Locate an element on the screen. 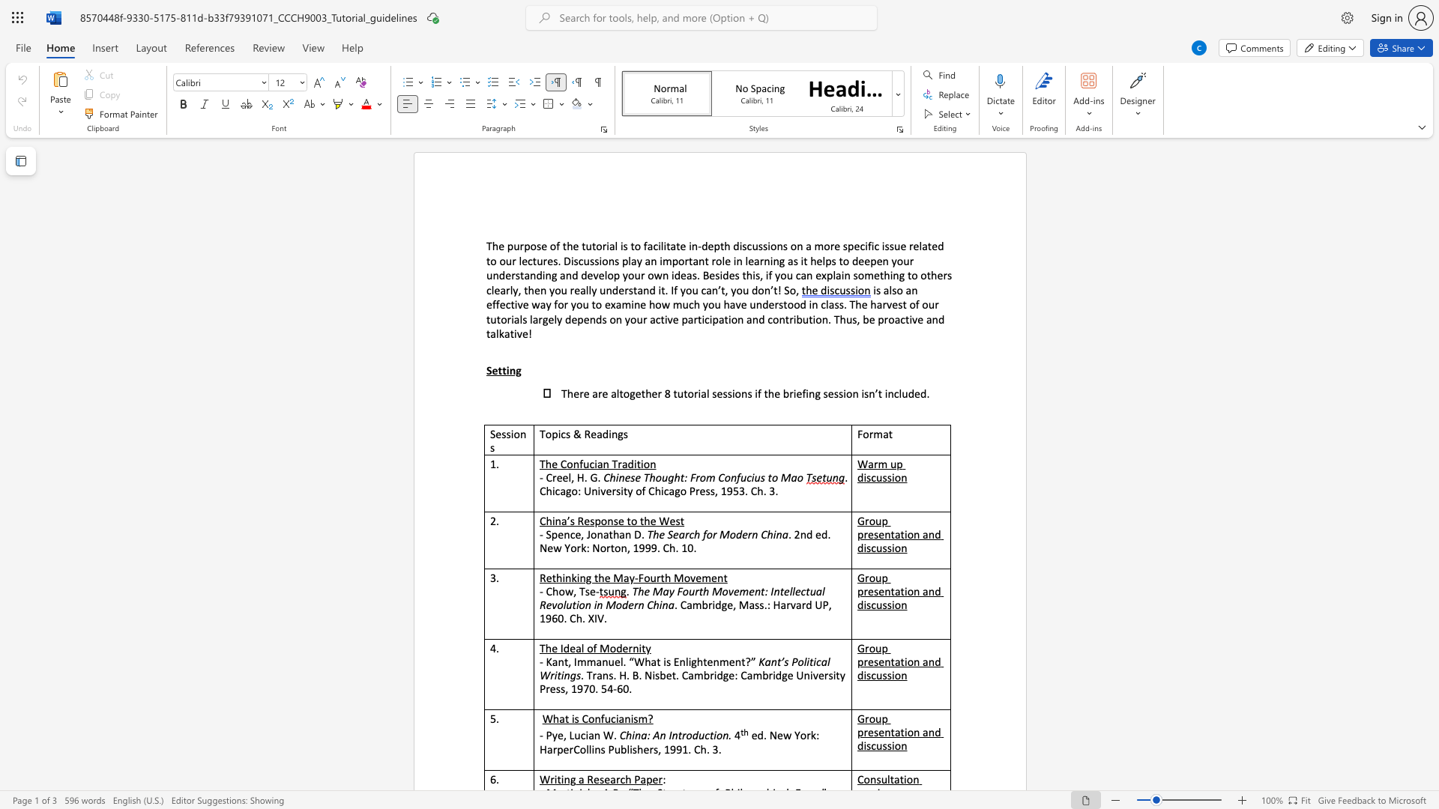 Image resolution: width=1439 pixels, height=809 pixels. the subset text "ctiv" within the text "on your active" is located at coordinates (655, 318).